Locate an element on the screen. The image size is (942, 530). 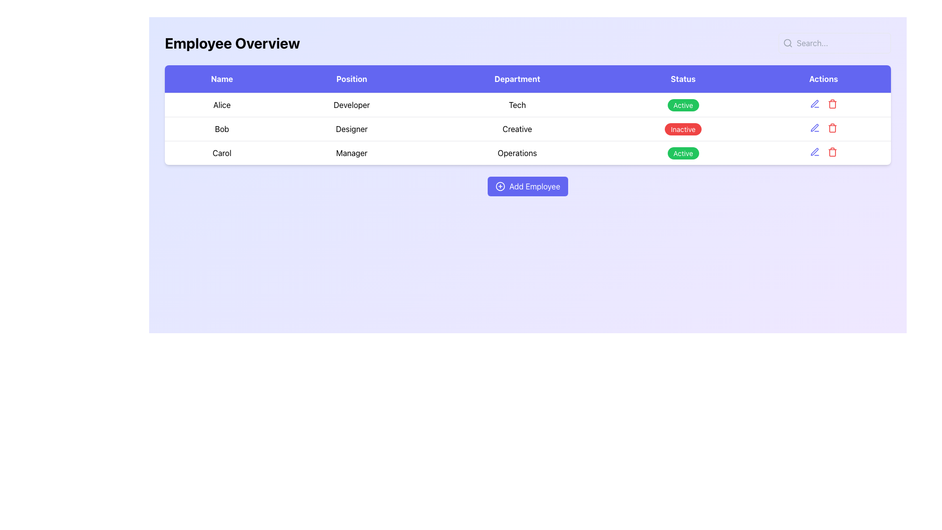
the circular part of the search icon located in the upper-right corner of the interface is located at coordinates (787, 42).